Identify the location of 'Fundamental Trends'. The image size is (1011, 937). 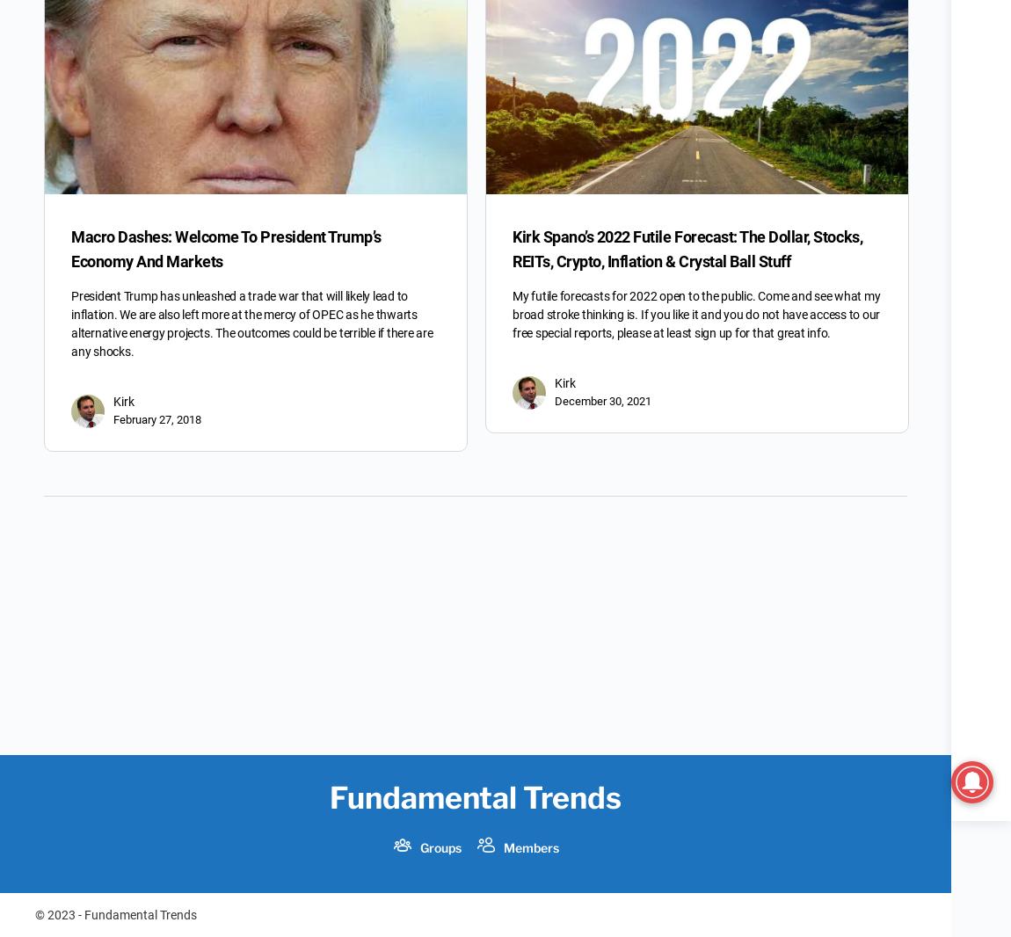
(475, 797).